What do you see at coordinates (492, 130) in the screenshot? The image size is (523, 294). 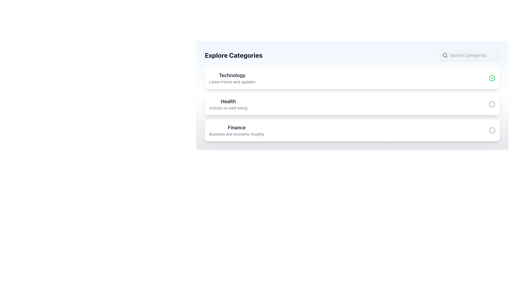 I see `the circular graphical component located inside the 'Finance' category card, positioned at the rightmost part of the card` at bounding box center [492, 130].